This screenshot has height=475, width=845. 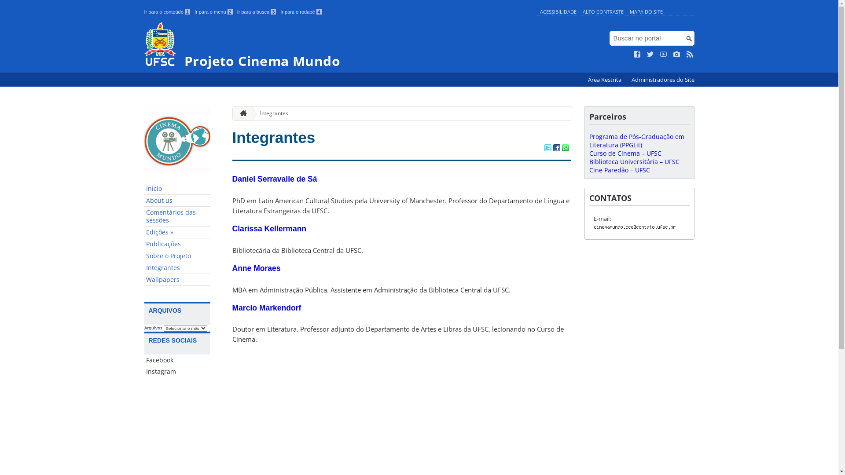 What do you see at coordinates (177, 280) in the screenshot?
I see `'Wallpapers'` at bounding box center [177, 280].